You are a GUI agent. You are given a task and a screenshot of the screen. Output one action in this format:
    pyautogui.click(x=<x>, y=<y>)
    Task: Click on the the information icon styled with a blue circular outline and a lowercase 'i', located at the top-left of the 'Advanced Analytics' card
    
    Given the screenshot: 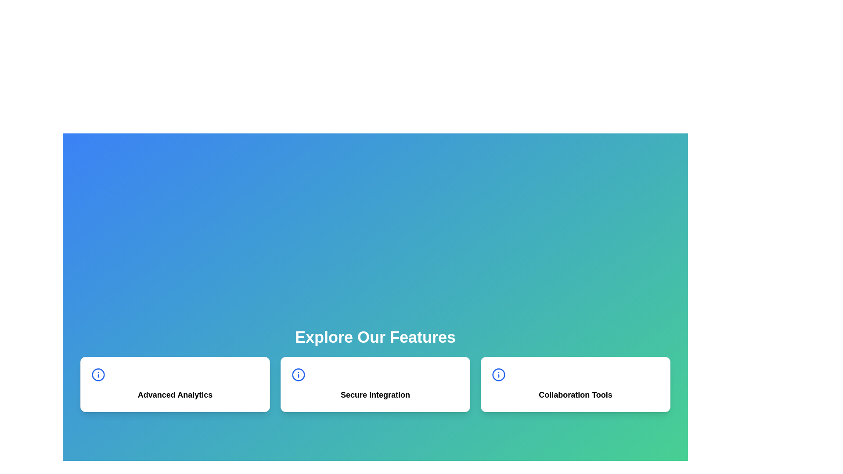 What is the action you would take?
    pyautogui.click(x=98, y=374)
    